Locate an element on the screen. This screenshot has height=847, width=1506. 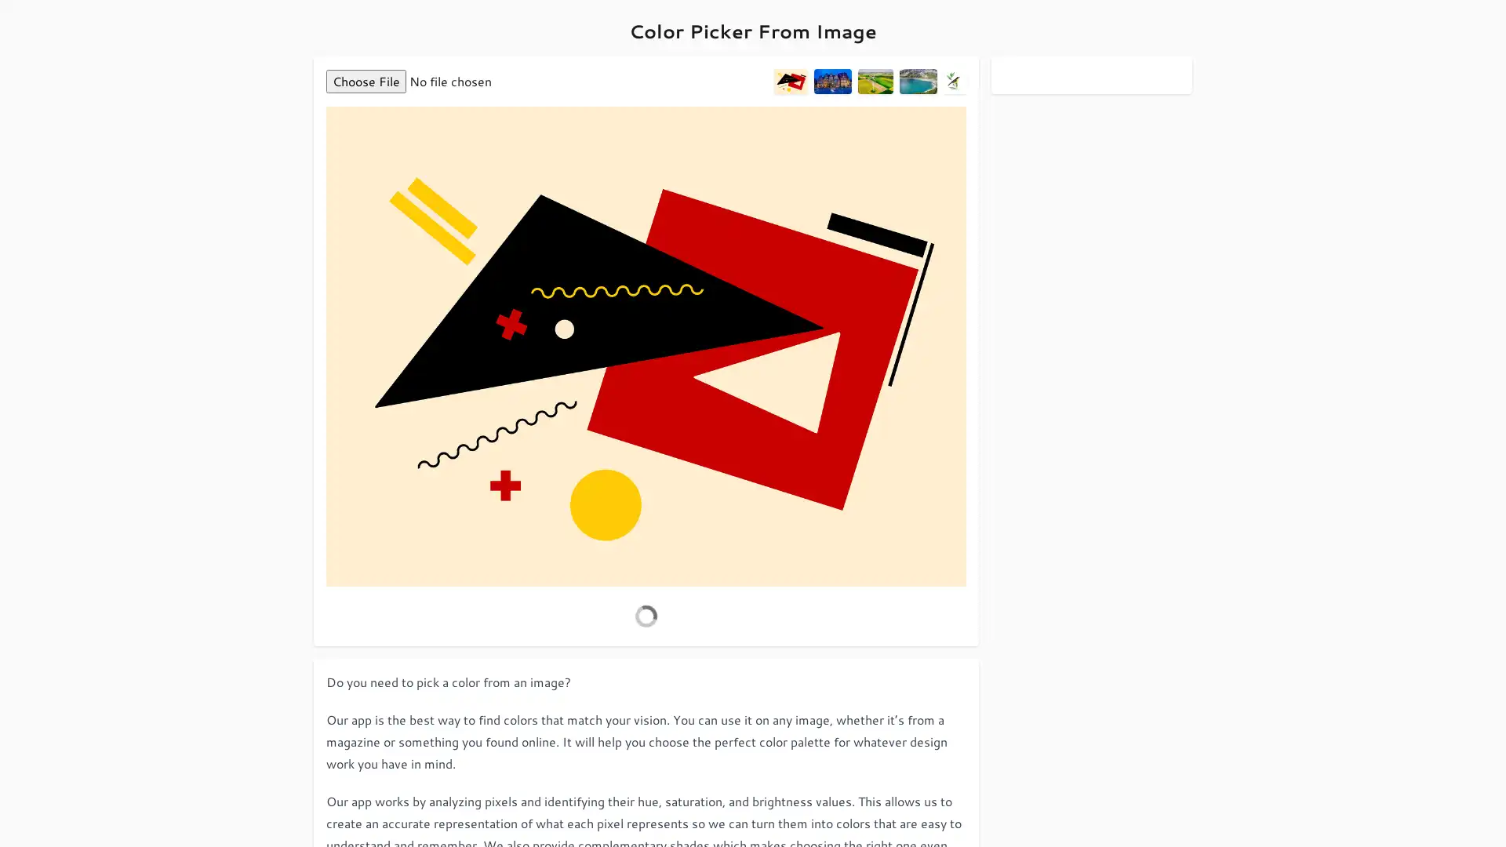
example image is located at coordinates (791, 82).